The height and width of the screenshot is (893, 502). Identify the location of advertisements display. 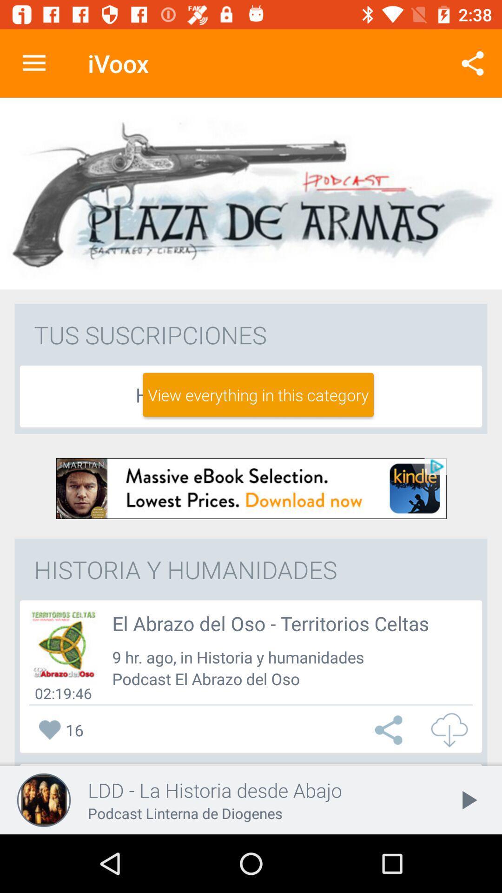
(251, 488).